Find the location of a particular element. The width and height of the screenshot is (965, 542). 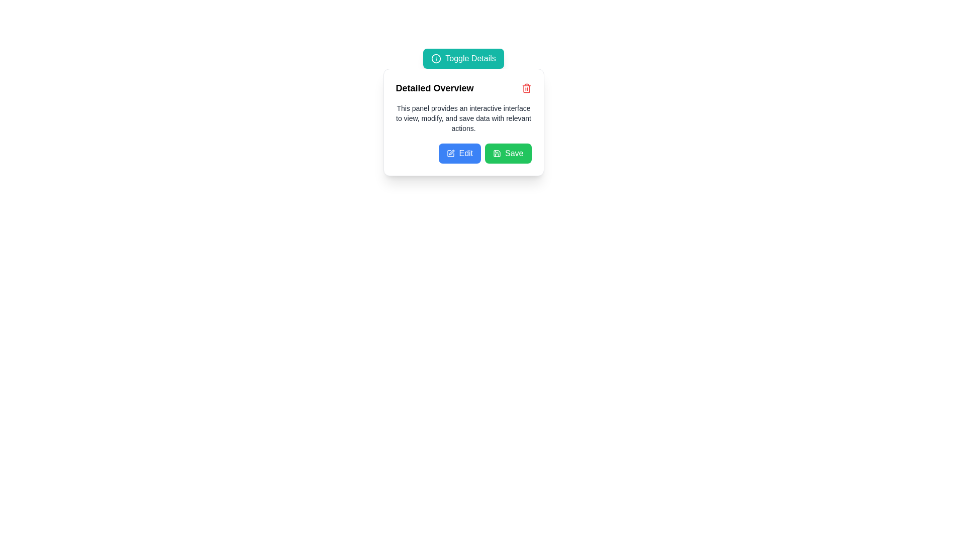

the 'Edit' button located in the group of buttons at the bottom right corner of the 'Detailed Overview' panel to enter edit mode is located at coordinates (463, 153).